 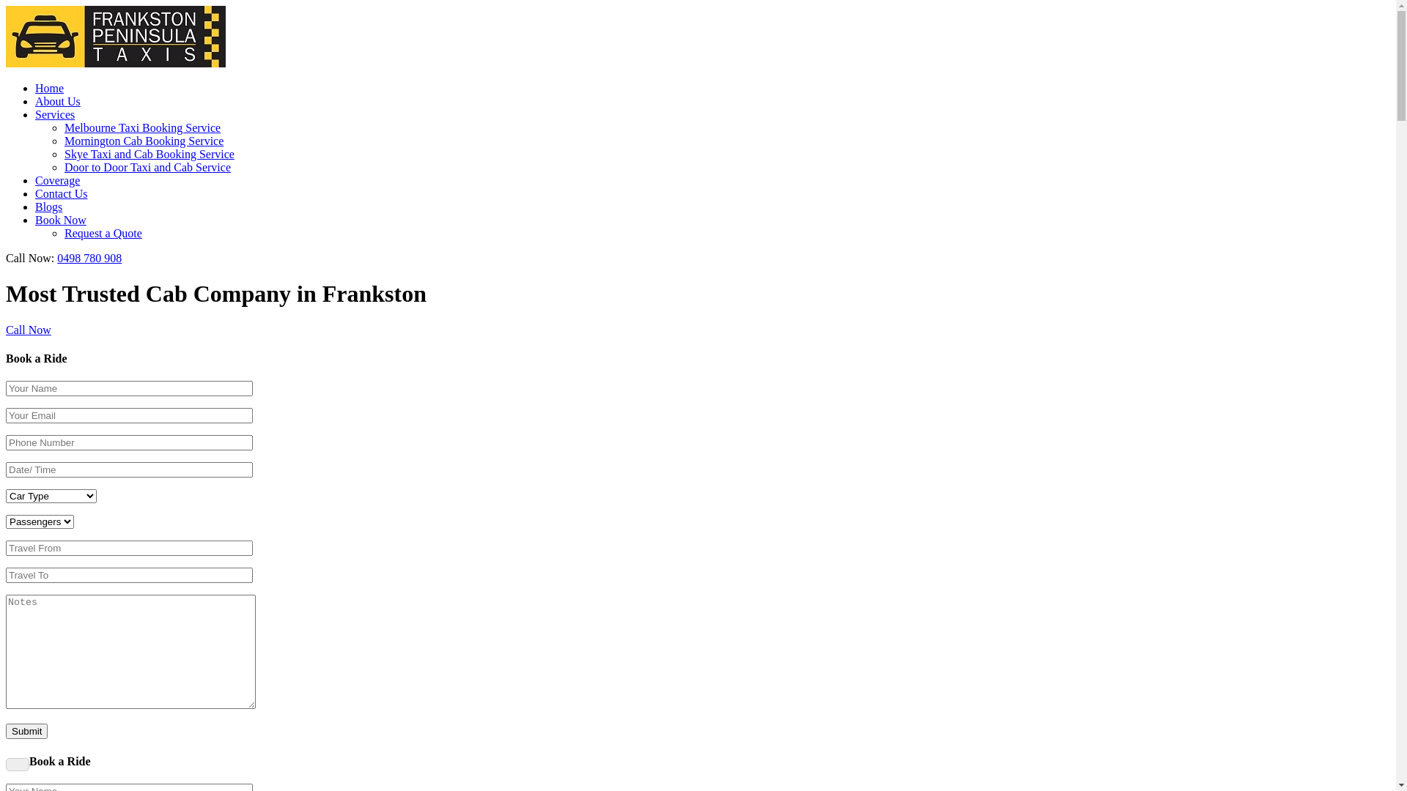 What do you see at coordinates (142, 127) in the screenshot?
I see `'Melbourne Taxi Booking Service'` at bounding box center [142, 127].